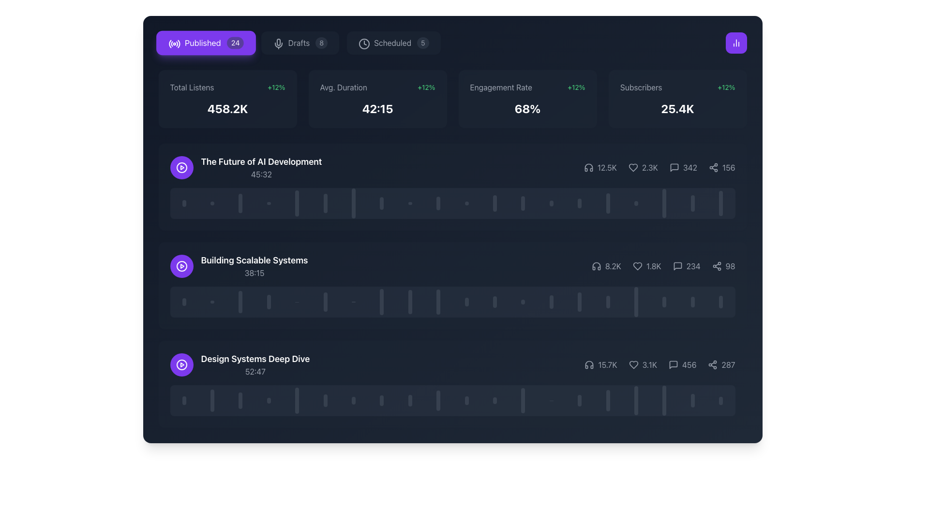 The height and width of the screenshot is (522, 929). I want to click on the last vertical bar in the timeline widget located at the bottom of the interface's middle section, so click(664, 401).